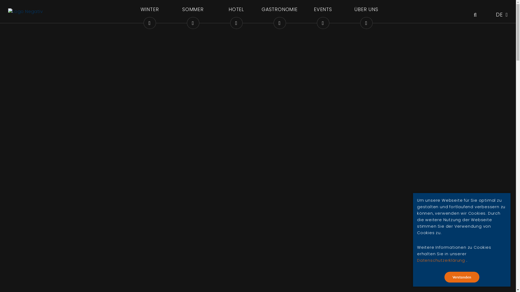  What do you see at coordinates (461, 277) in the screenshot?
I see `'Verstanden'` at bounding box center [461, 277].